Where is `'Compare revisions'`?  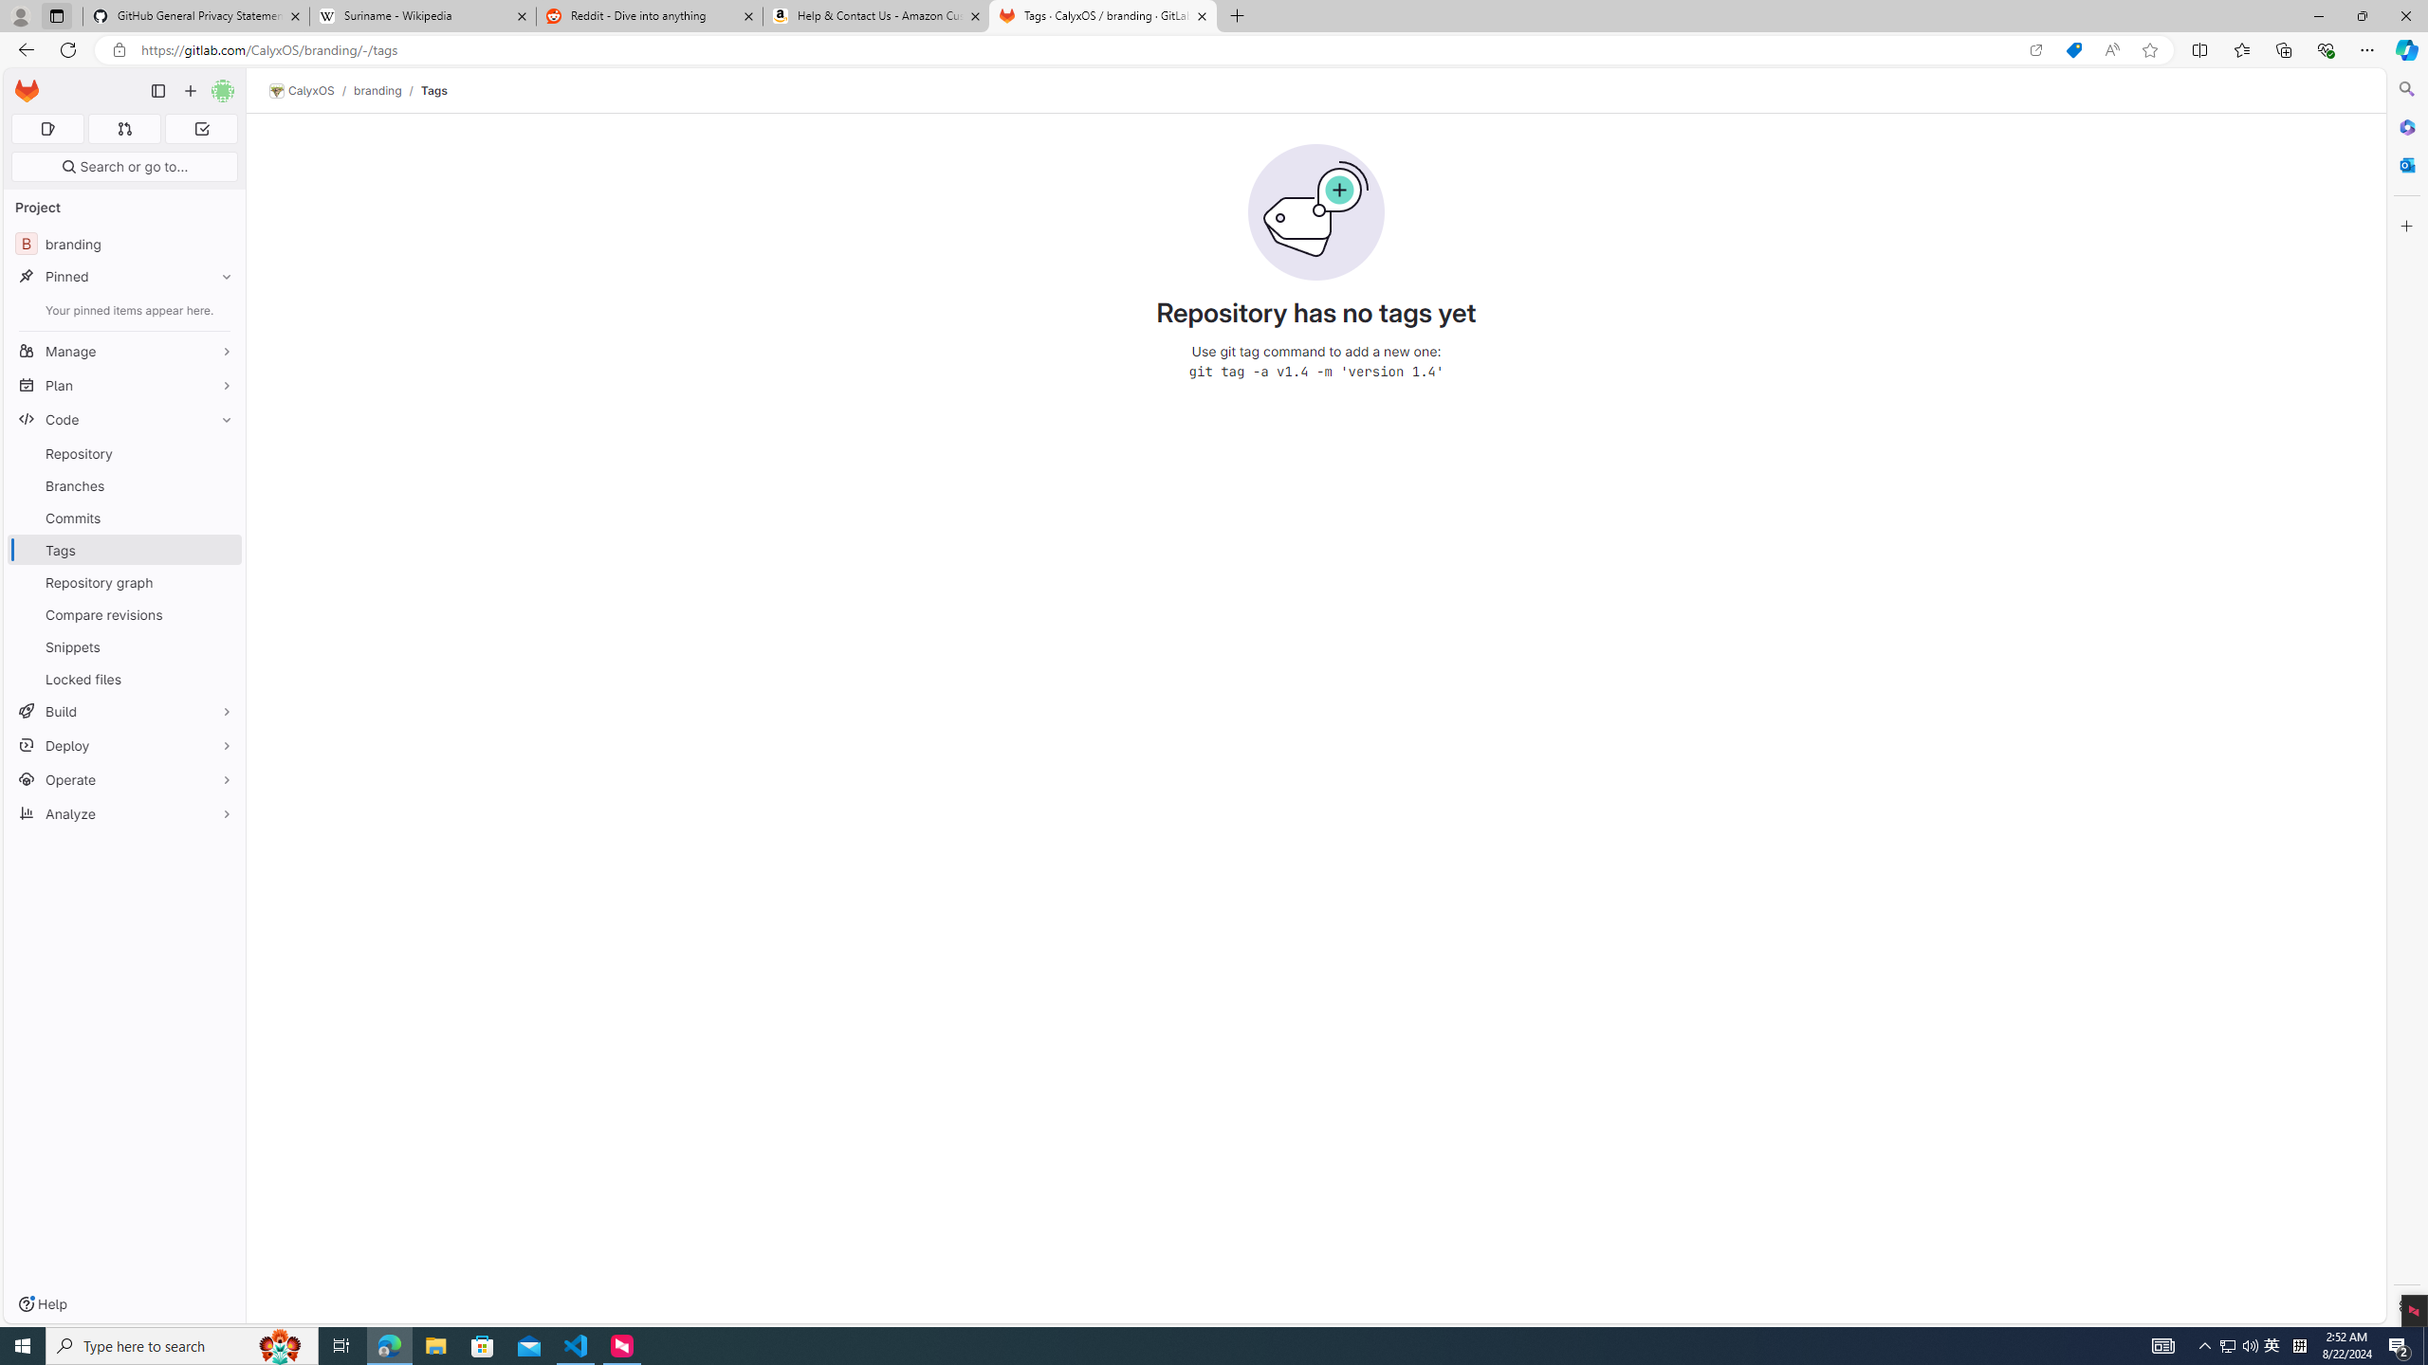
'Compare revisions' is located at coordinates (123, 613).